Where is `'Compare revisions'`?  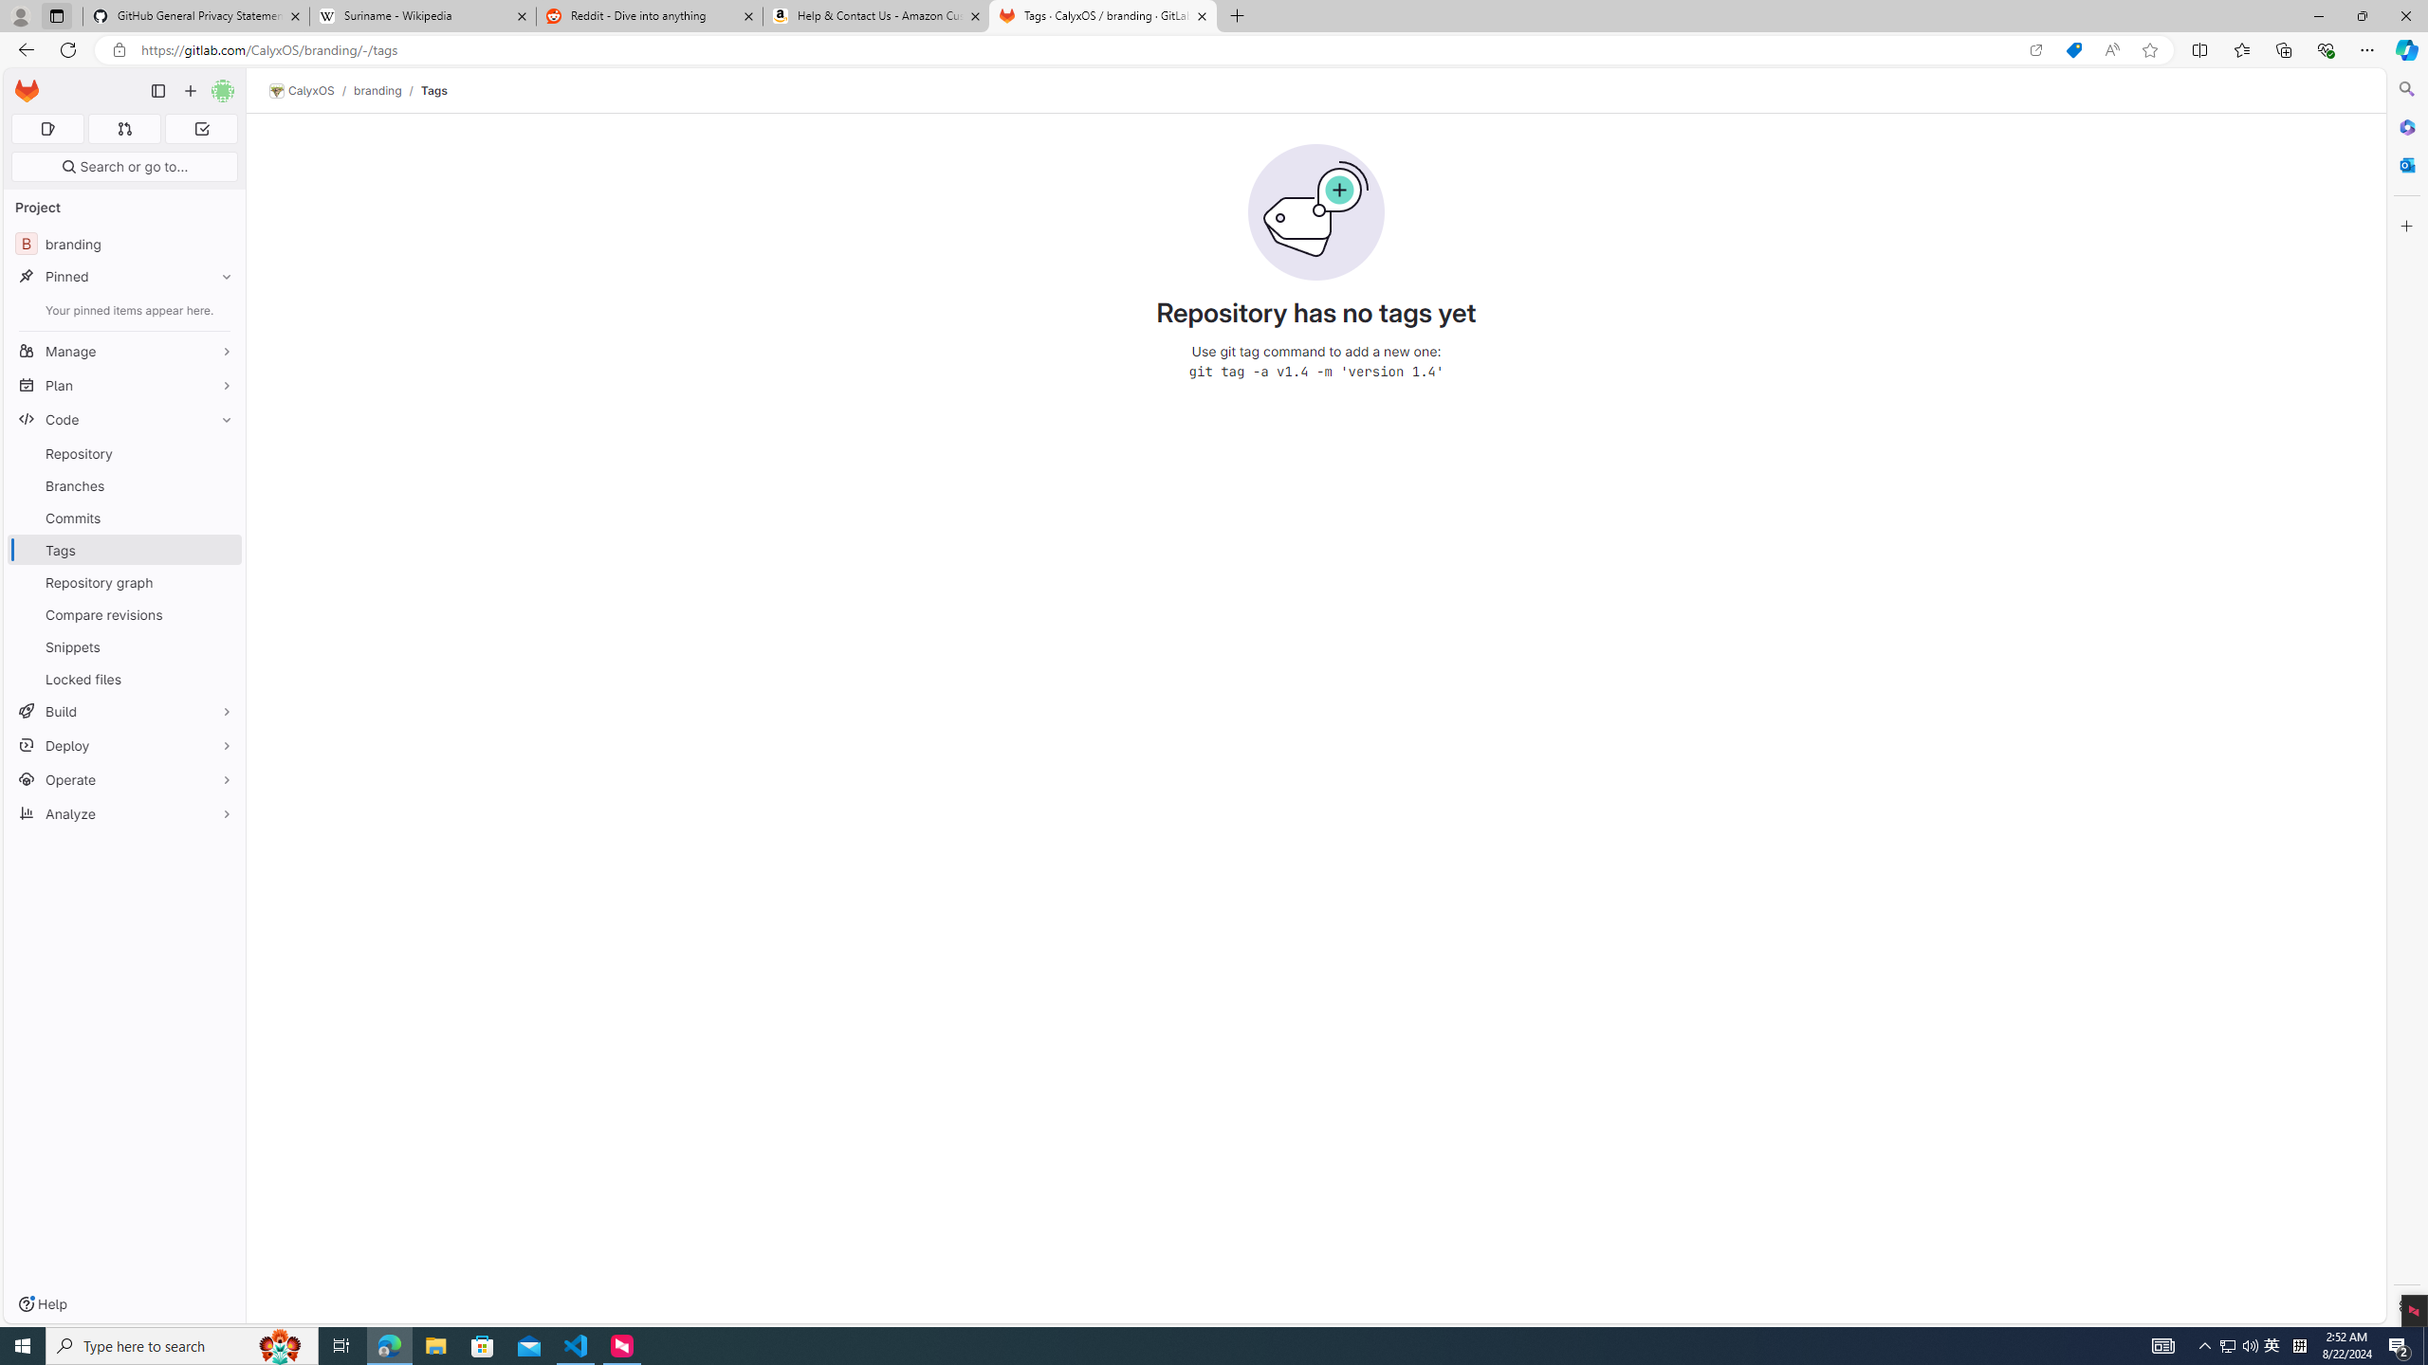
'Compare revisions' is located at coordinates (123, 613).